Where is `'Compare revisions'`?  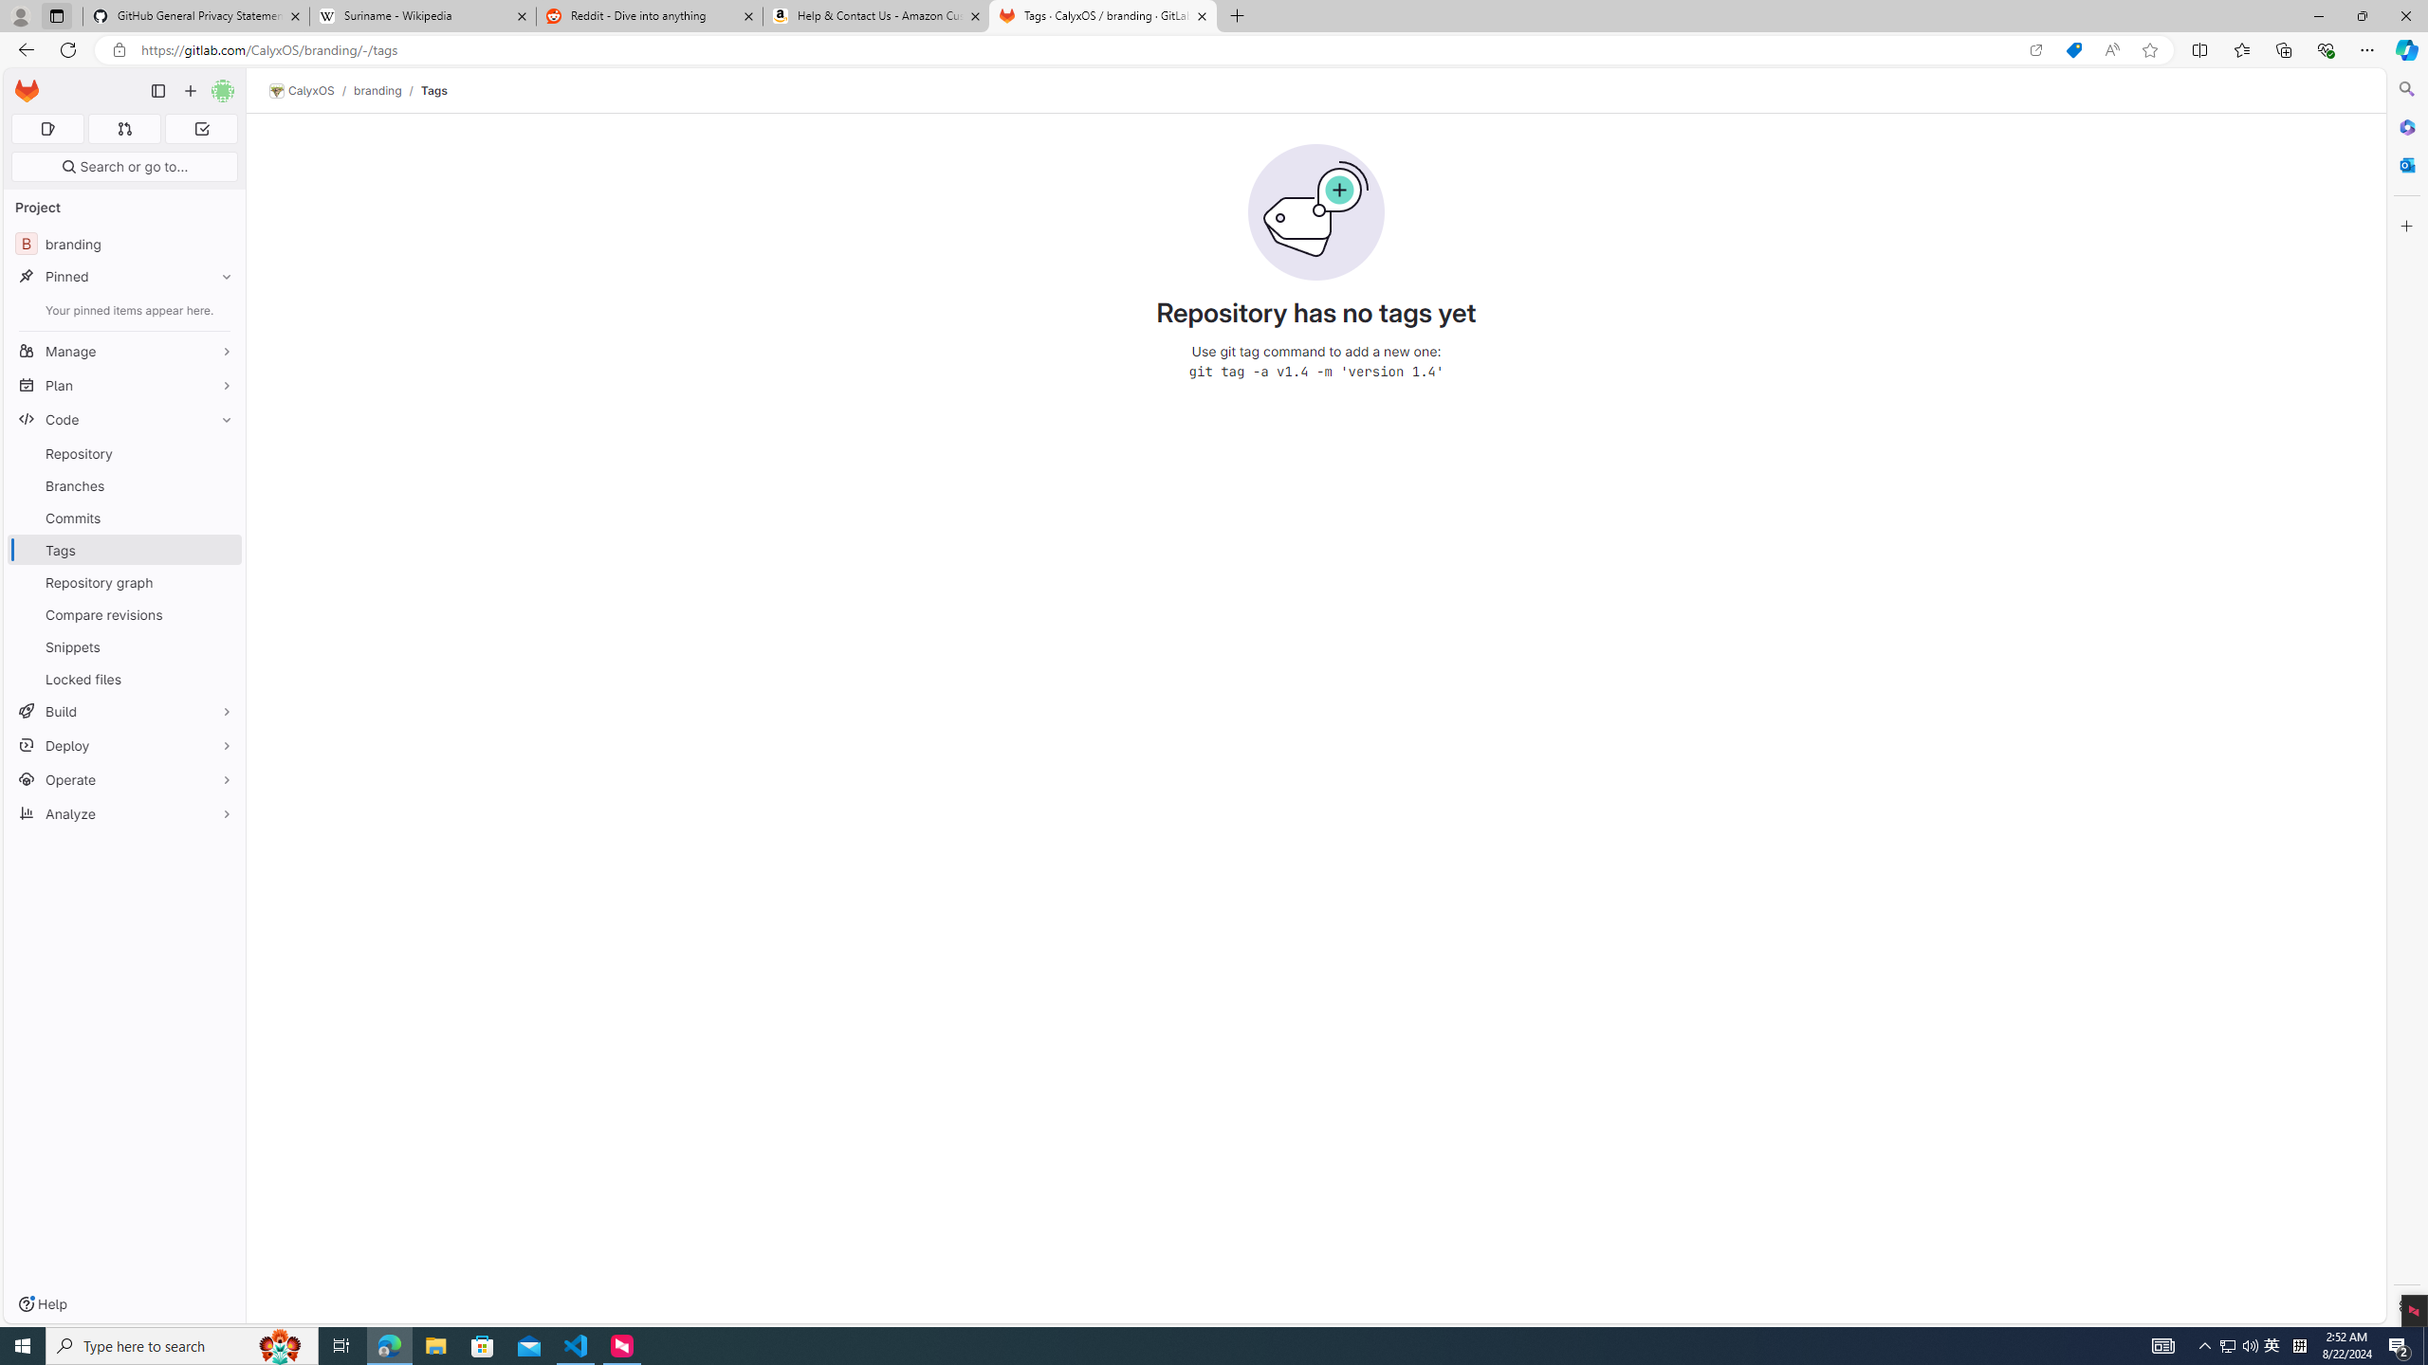
'Compare revisions' is located at coordinates (123, 613).